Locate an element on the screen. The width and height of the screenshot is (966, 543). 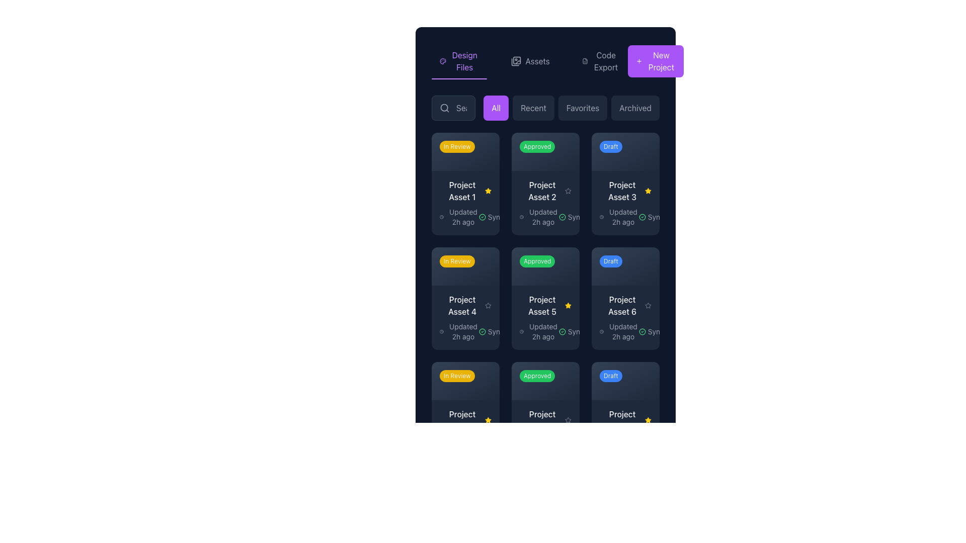
the Information card located in the second row, third column of the layout is located at coordinates (625, 203).